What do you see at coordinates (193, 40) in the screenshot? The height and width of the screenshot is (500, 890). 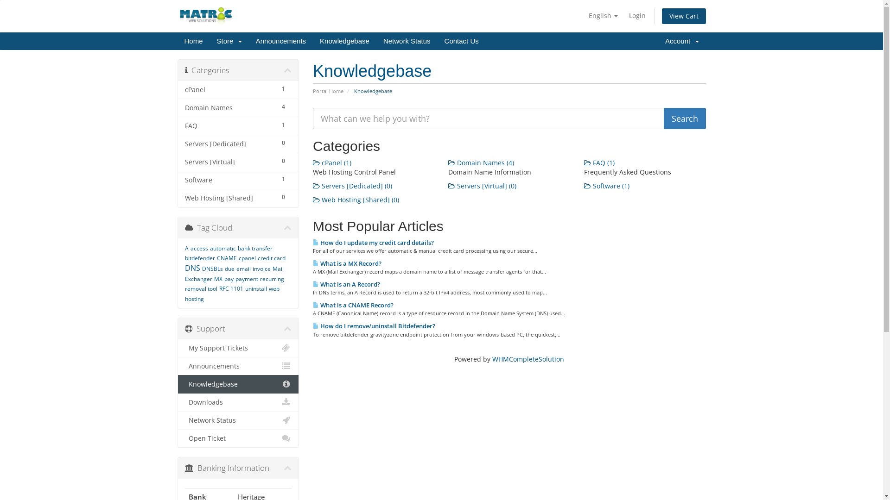 I see `'Home'` at bounding box center [193, 40].